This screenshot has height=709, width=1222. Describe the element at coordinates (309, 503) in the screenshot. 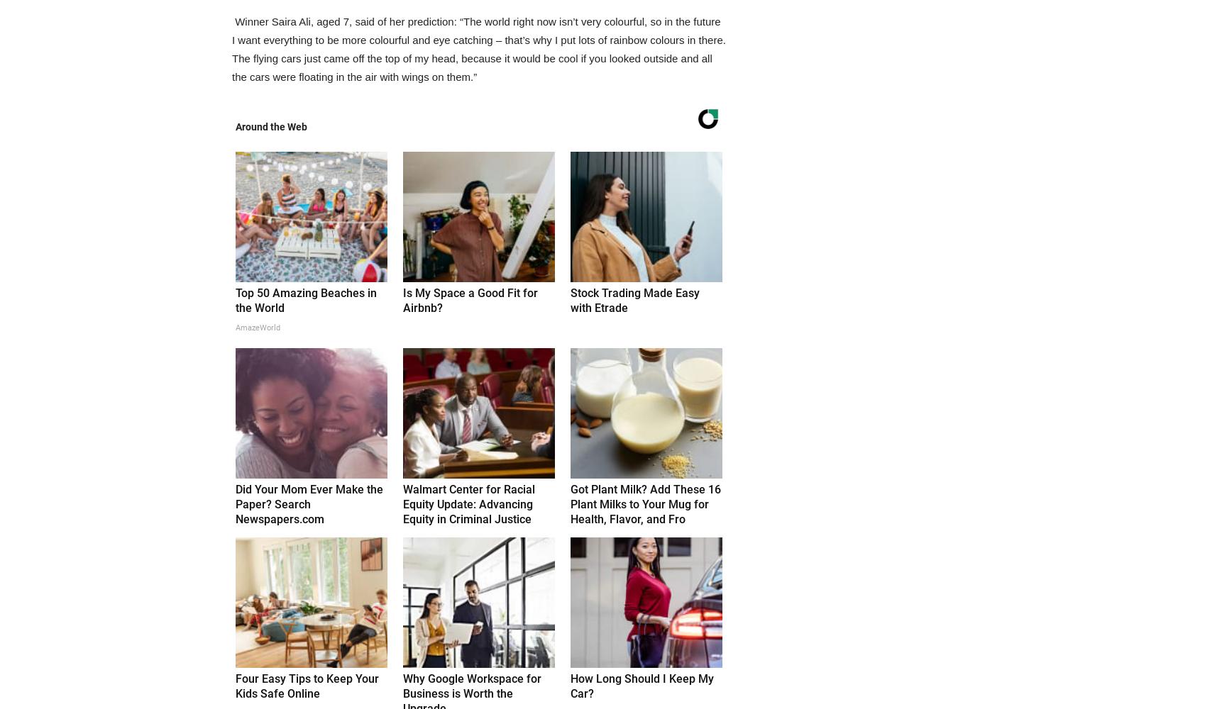

I see `'Did Your Mom Ever Make the Paper? Search Newspapers.com'` at that location.